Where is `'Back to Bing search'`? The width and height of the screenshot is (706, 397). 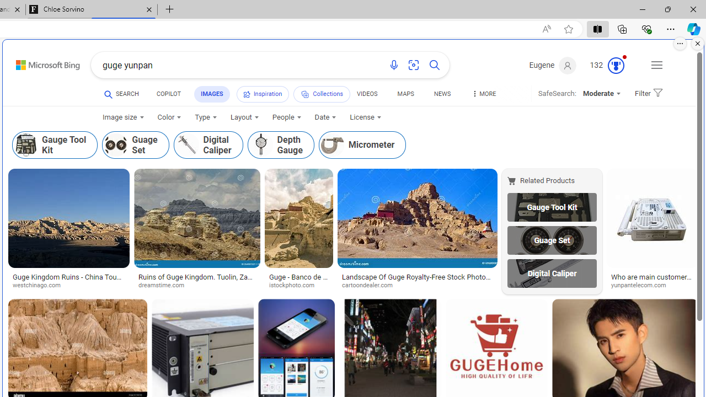
'Back to Bing search' is located at coordinates (41, 63).